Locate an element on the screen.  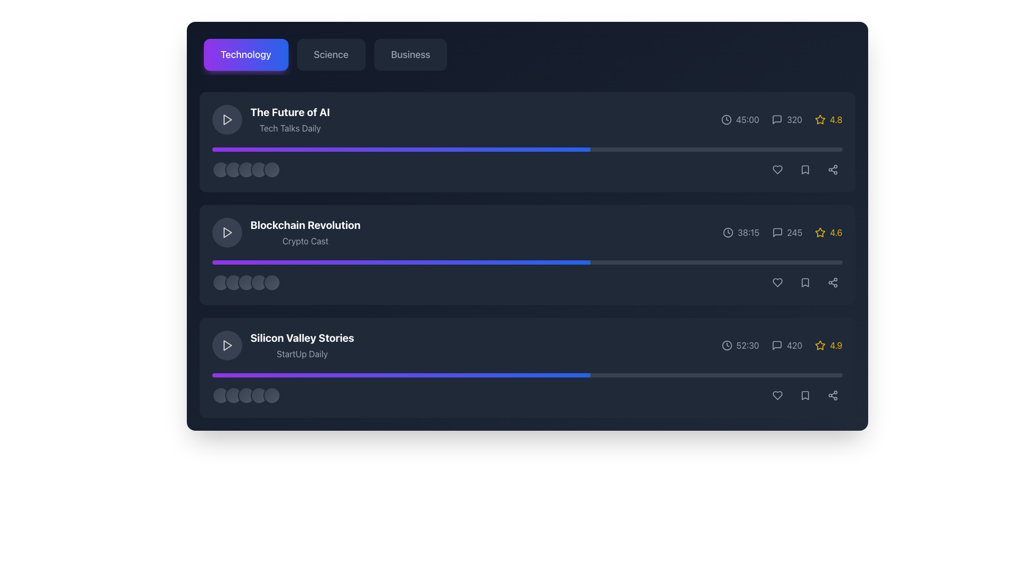
the star icon representing the rating of the content in the 'The Future of AI' section, which is located next to the numerical rating value '4.8' is located at coordinates (820, 119).